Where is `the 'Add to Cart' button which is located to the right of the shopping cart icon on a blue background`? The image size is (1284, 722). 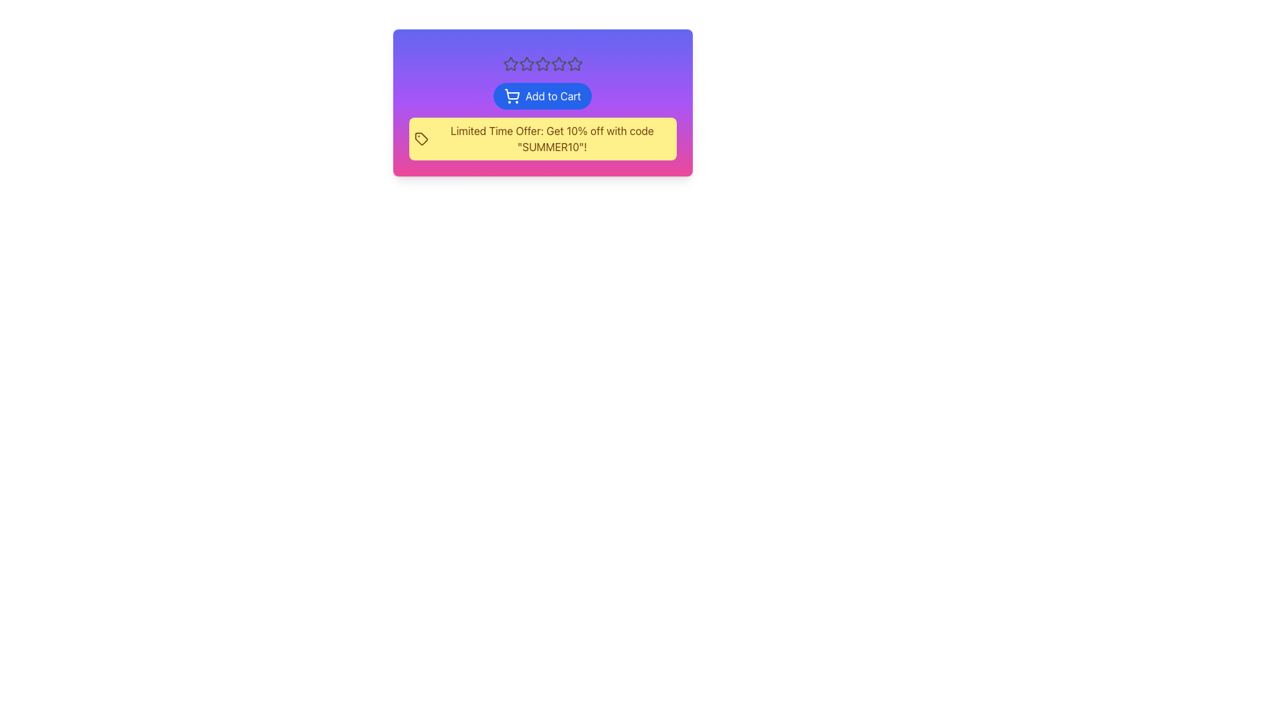 the 'Add to Cart' button which is located to the right of the shopping cart icon on a blue background is located at coordinates (511, 95).